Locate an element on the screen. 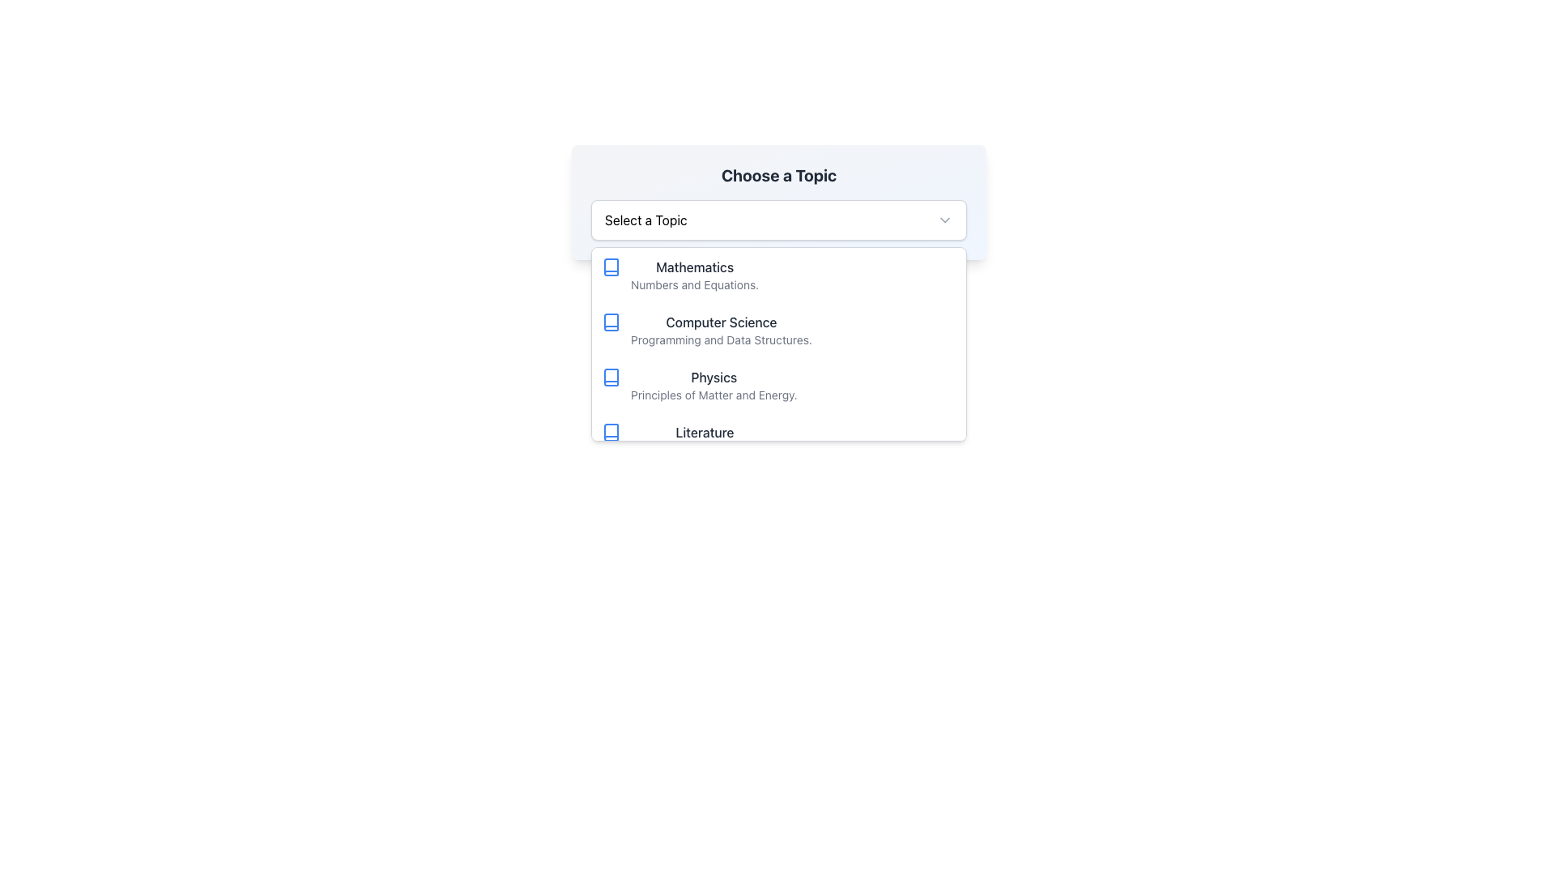 Image resolution: width=1555 pixels, height=875 pixels. the static text label providing context for the 'Literature' option in the dropdown menu under 'Choose a Topic' is located at coordinates (705, 450).